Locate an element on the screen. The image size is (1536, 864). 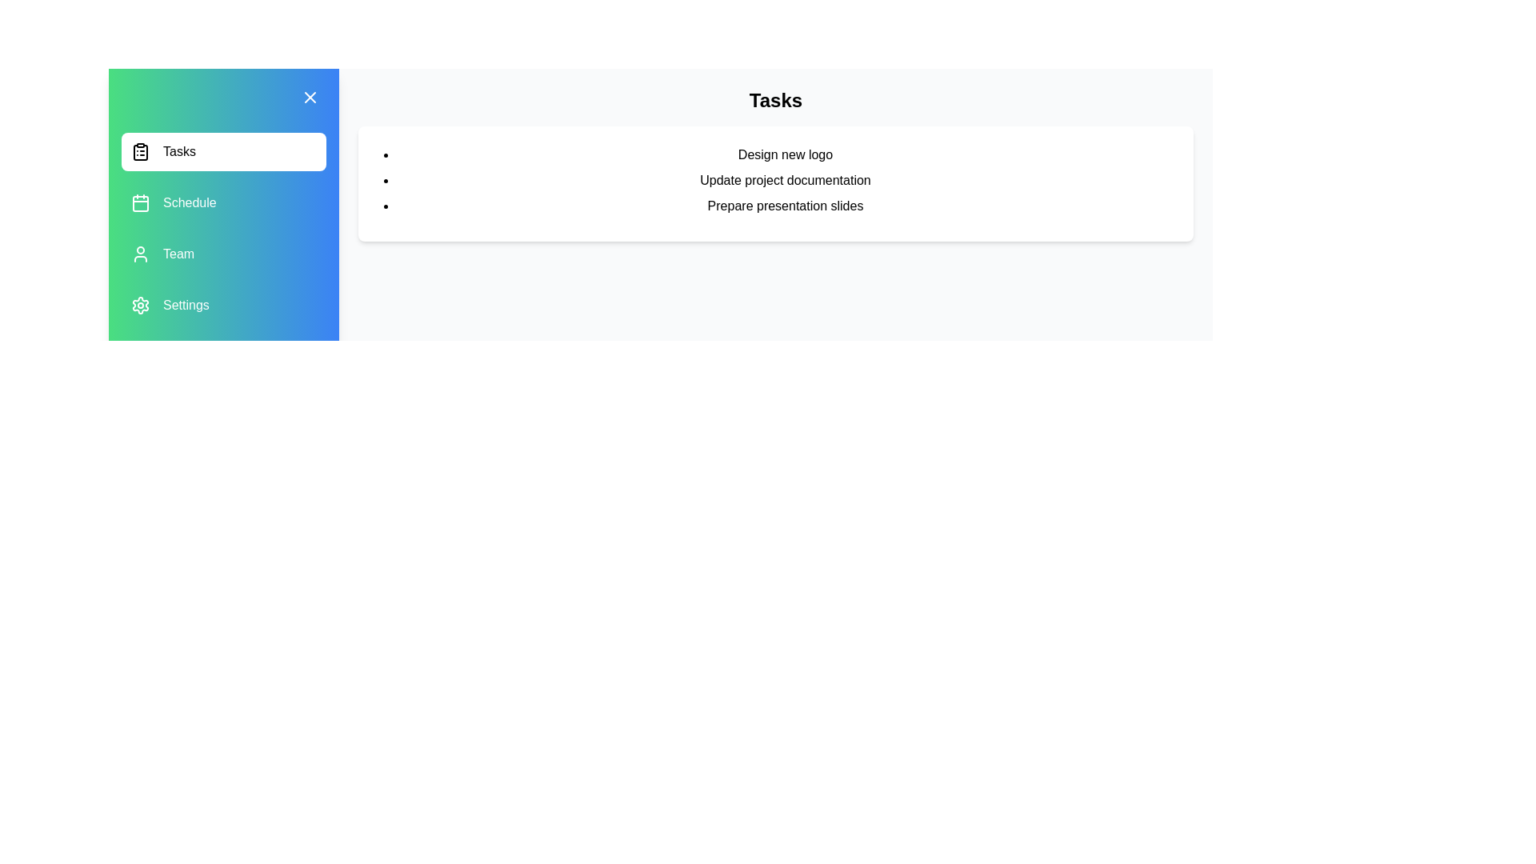
the section Team from the drawer menu is located at coordinates (222, 253).